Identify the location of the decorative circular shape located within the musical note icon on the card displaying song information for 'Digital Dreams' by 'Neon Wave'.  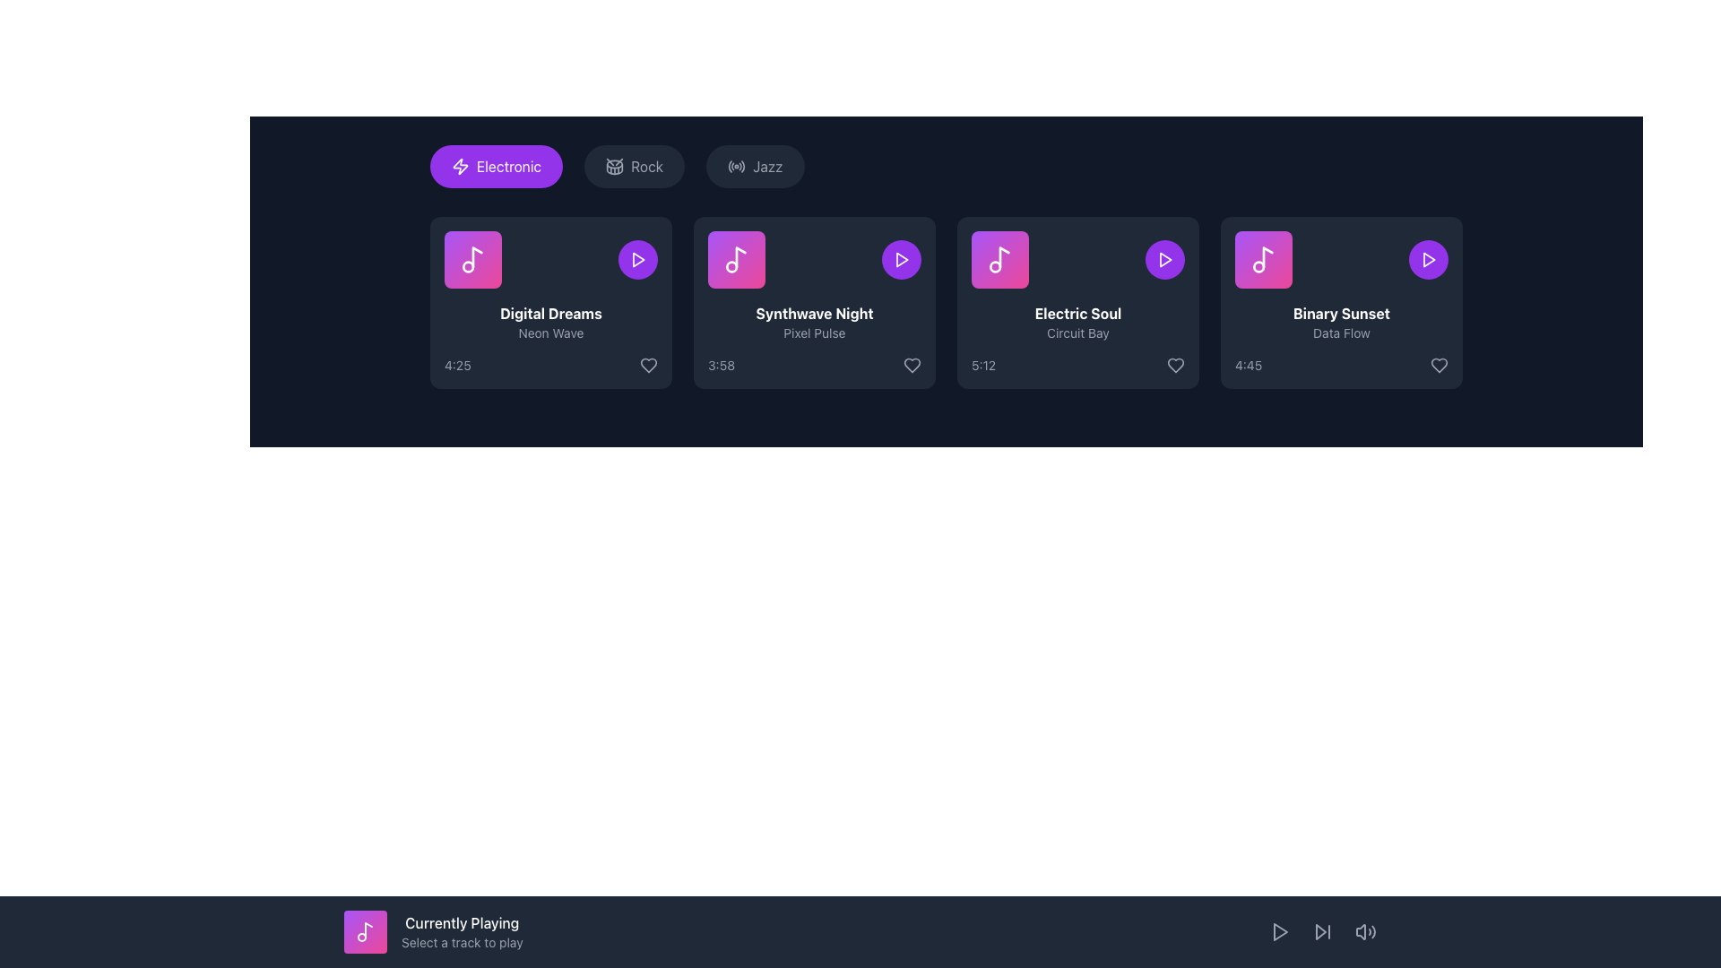
(468, 266).